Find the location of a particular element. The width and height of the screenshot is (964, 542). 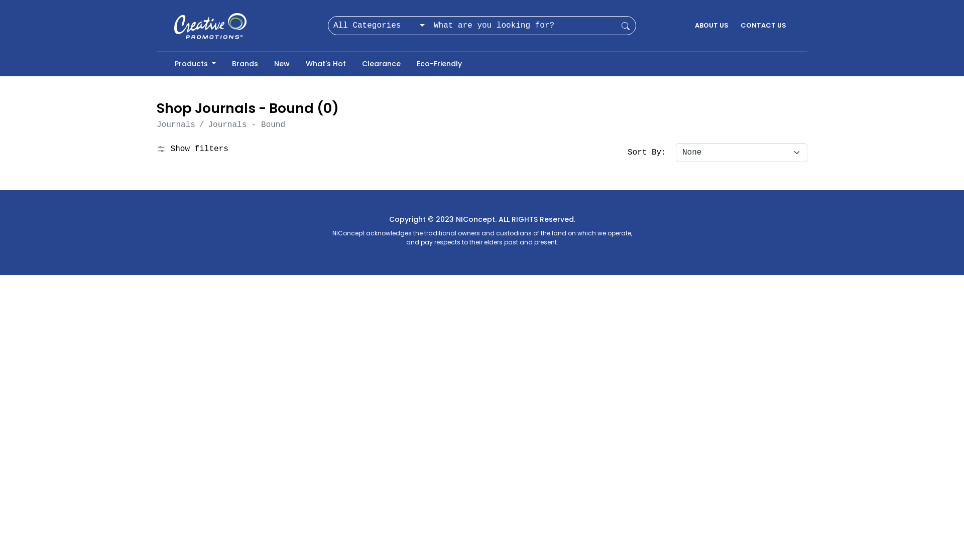

'Brands' is located at coordinates (245, 64).